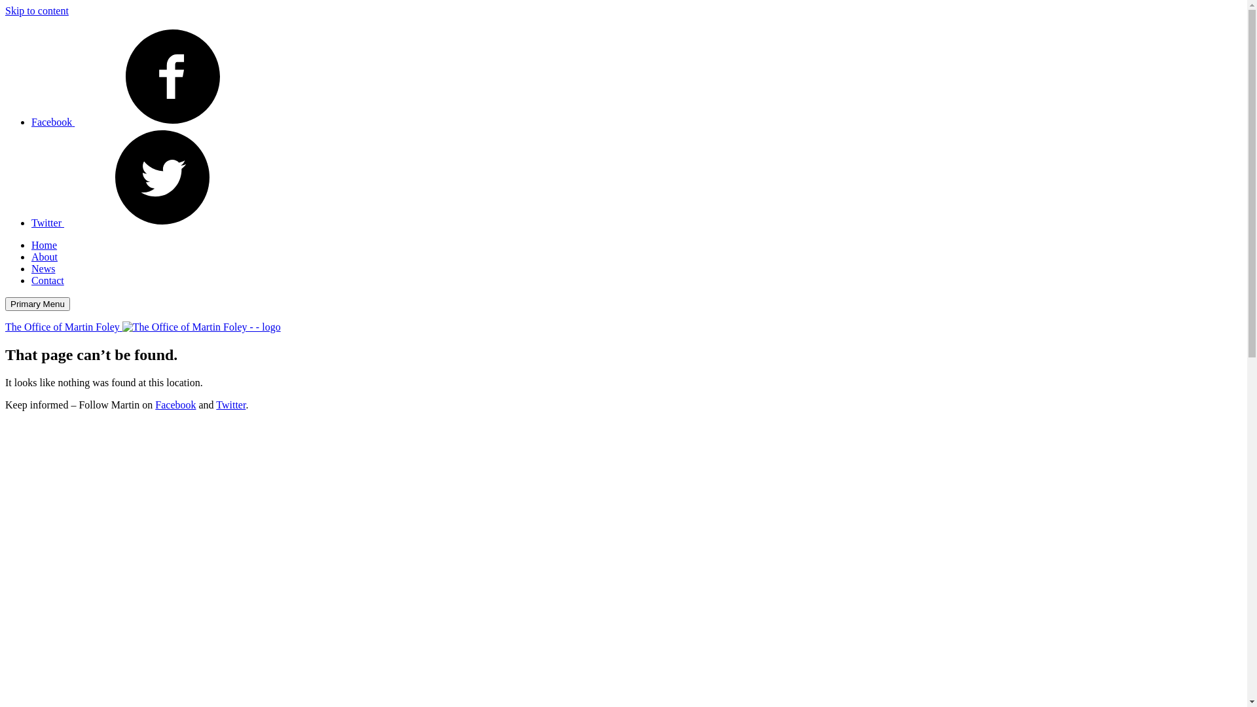 The width and height of the screenshot is (1257, 707). What do you see at coordinates (143, 326) in the screenshot?
I see `'The Office of Martin Foley'` at bounding box center [143, 326].